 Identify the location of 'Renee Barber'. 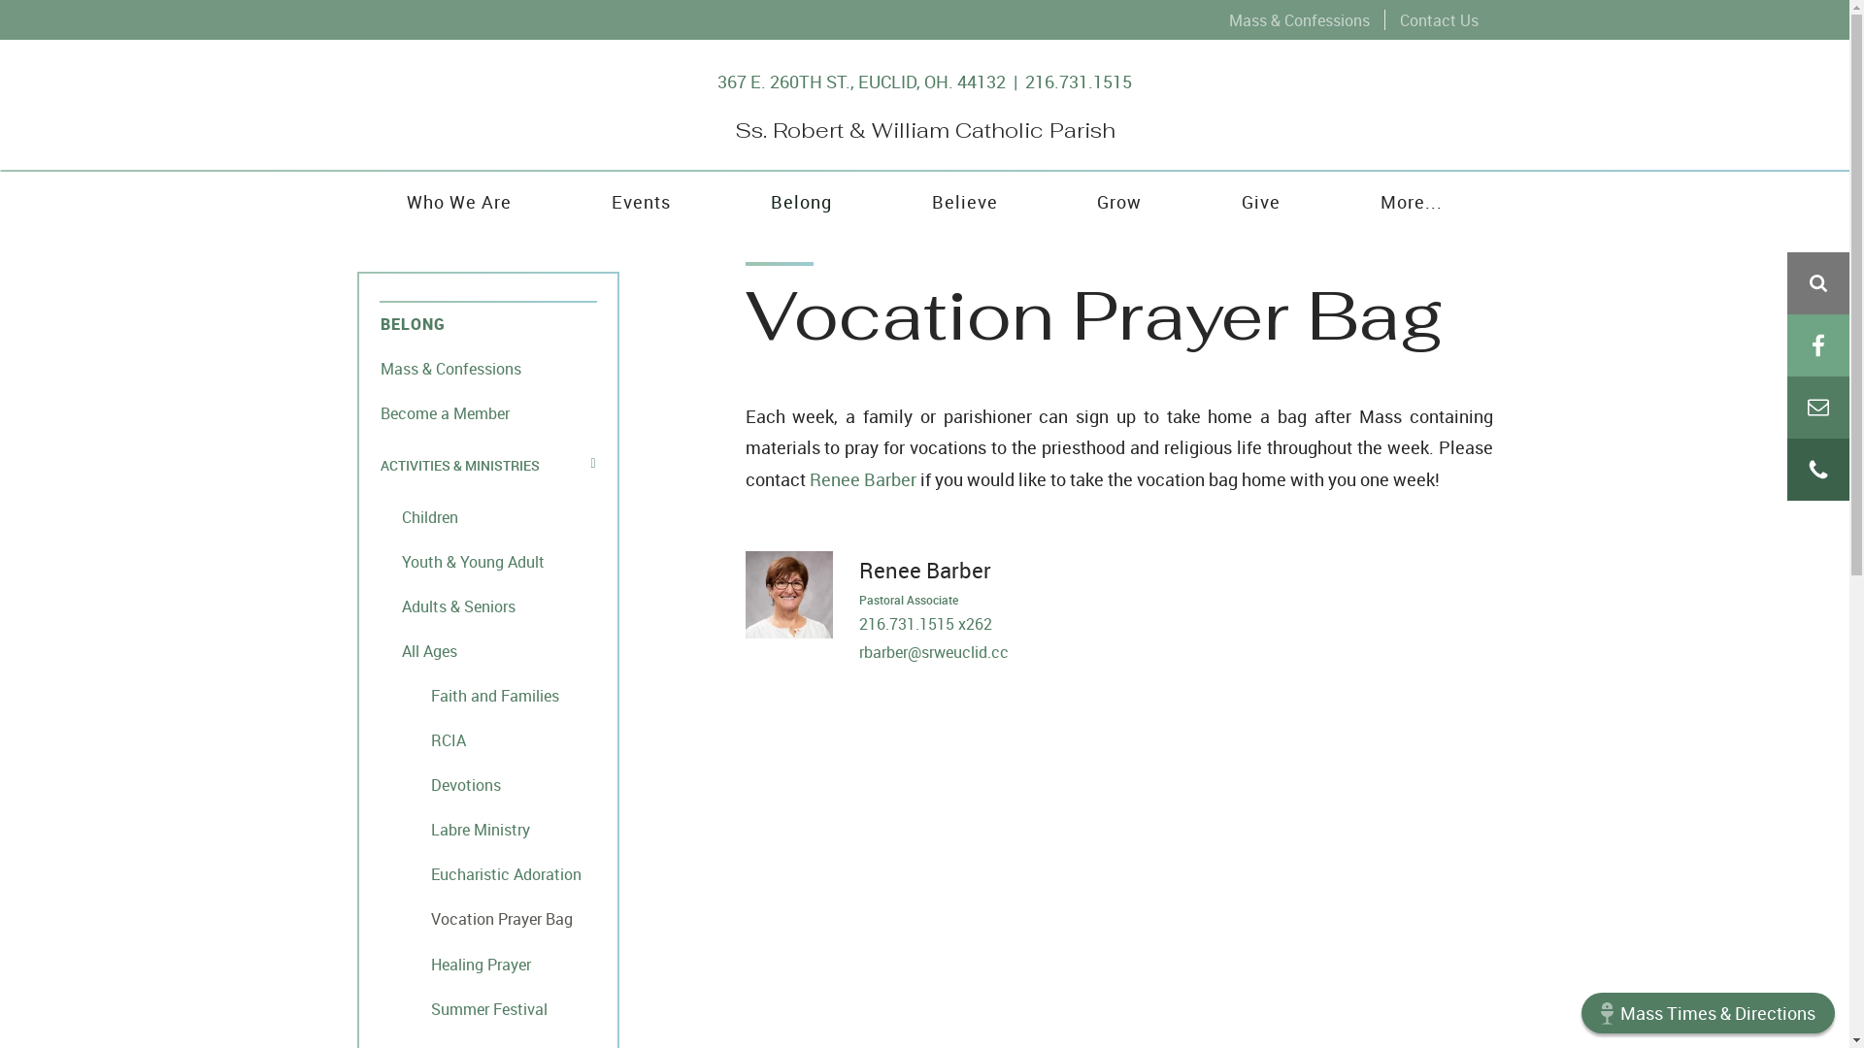
(861, 478).